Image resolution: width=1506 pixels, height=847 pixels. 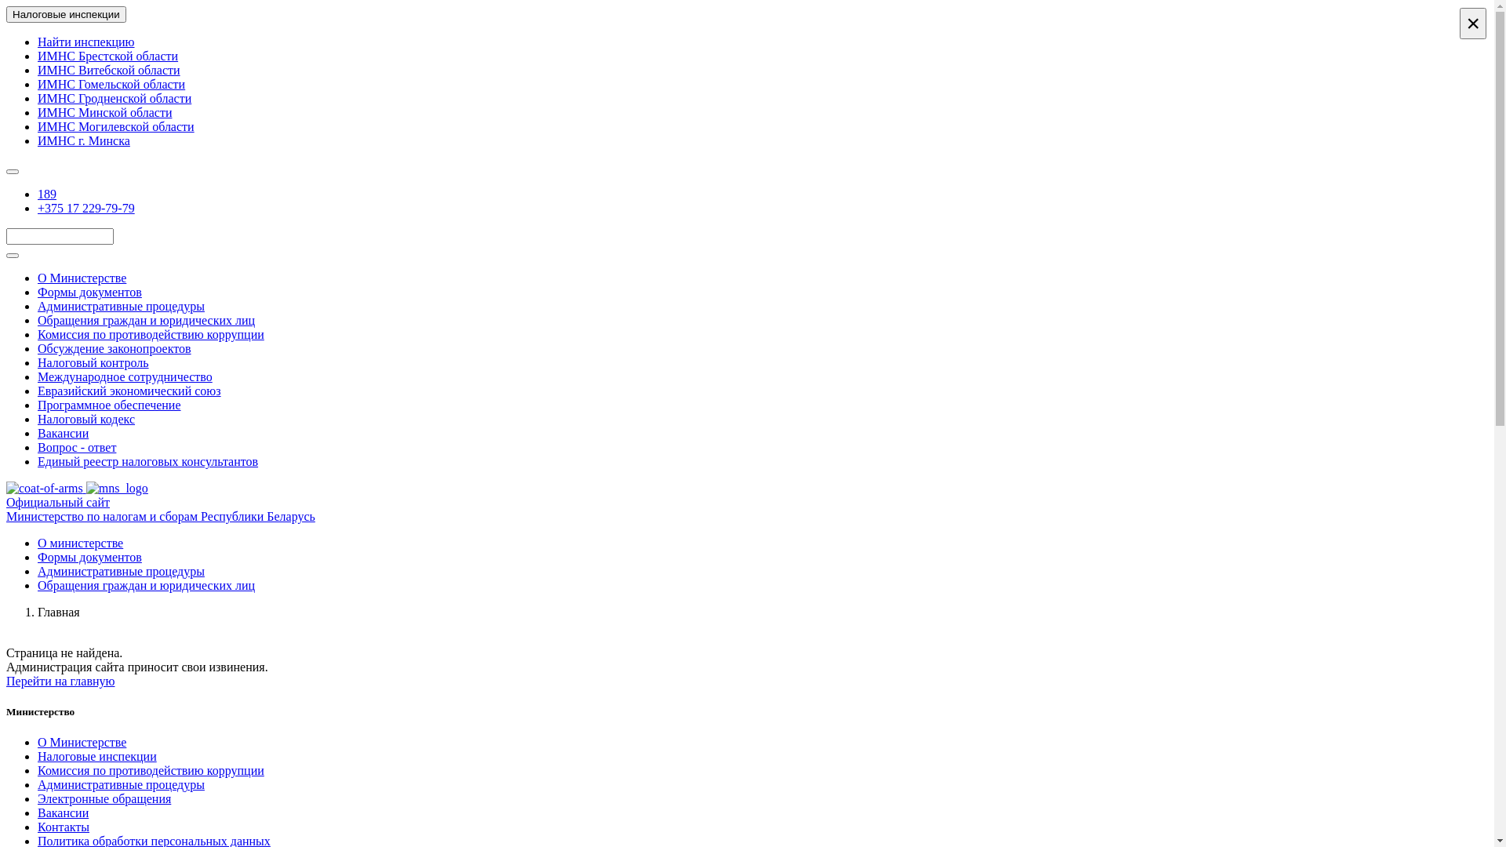 What do you see at coordinates (85, 207) in the screenshot?
I see `'+375 17 229-79-79'` at bounding box center [85, 207].